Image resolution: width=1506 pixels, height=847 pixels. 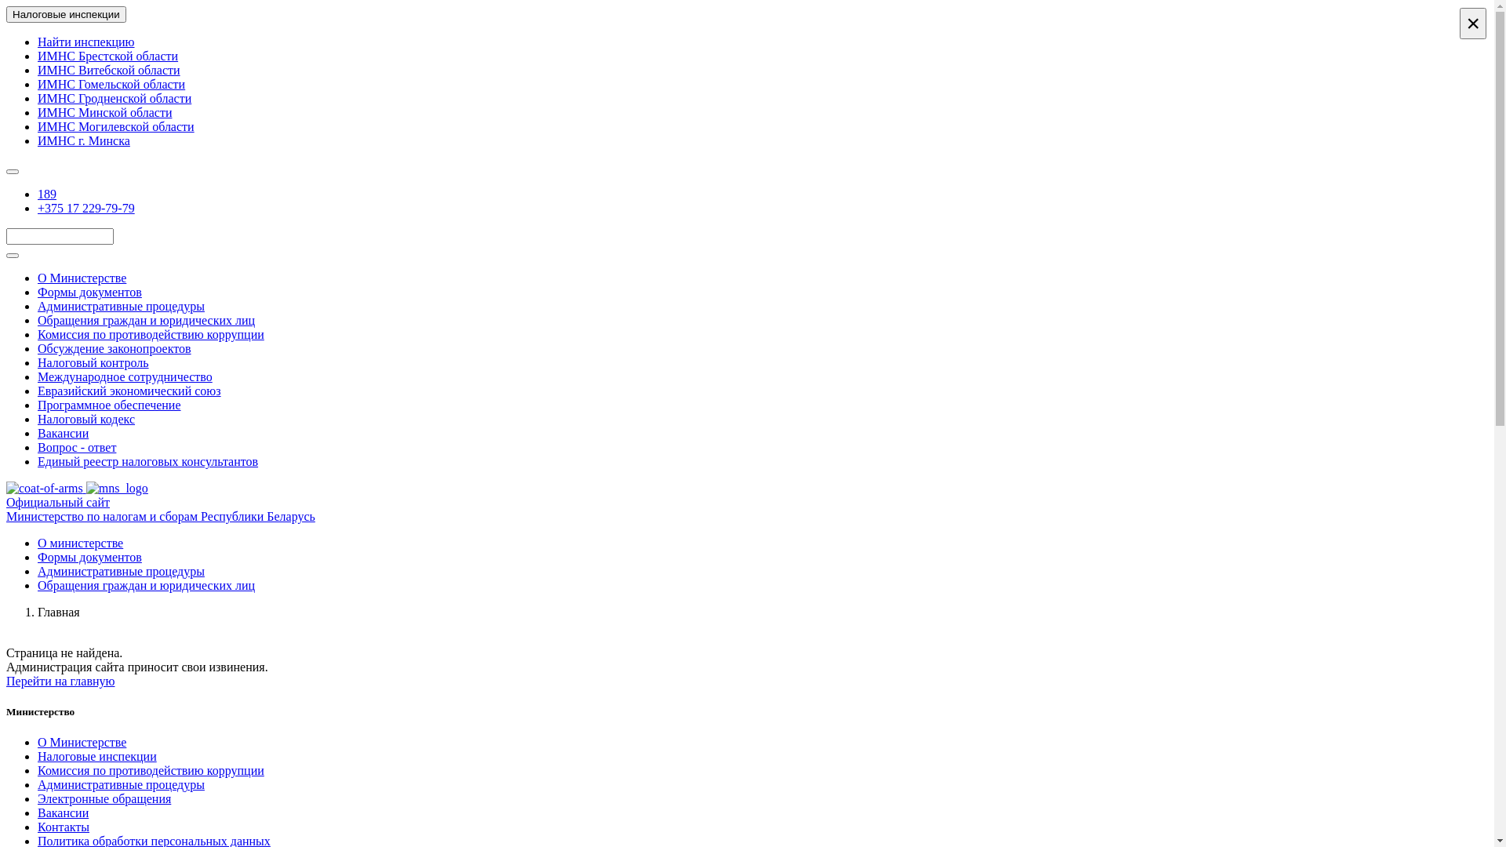 What do you see at coordinates (85, 207) in the screenshot?
I see `'+375 17 229-79-79'` at bounding box center [85, 207].